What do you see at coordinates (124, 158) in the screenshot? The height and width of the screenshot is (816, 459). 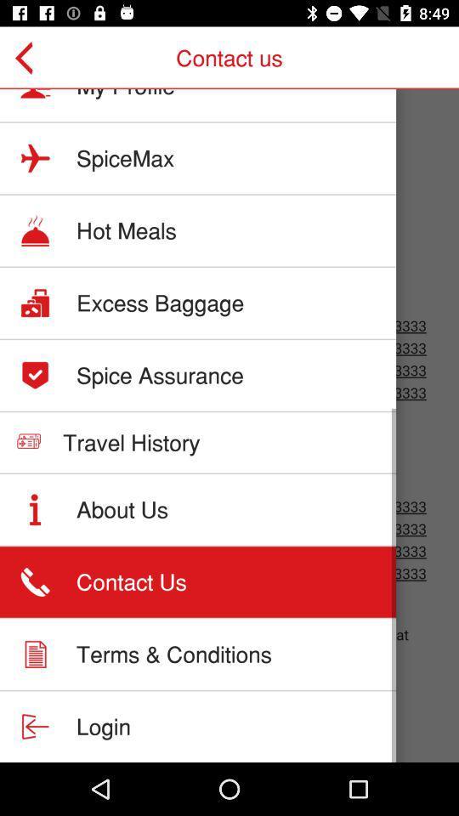 I see `spicemax` at bounding box center [124, 158].